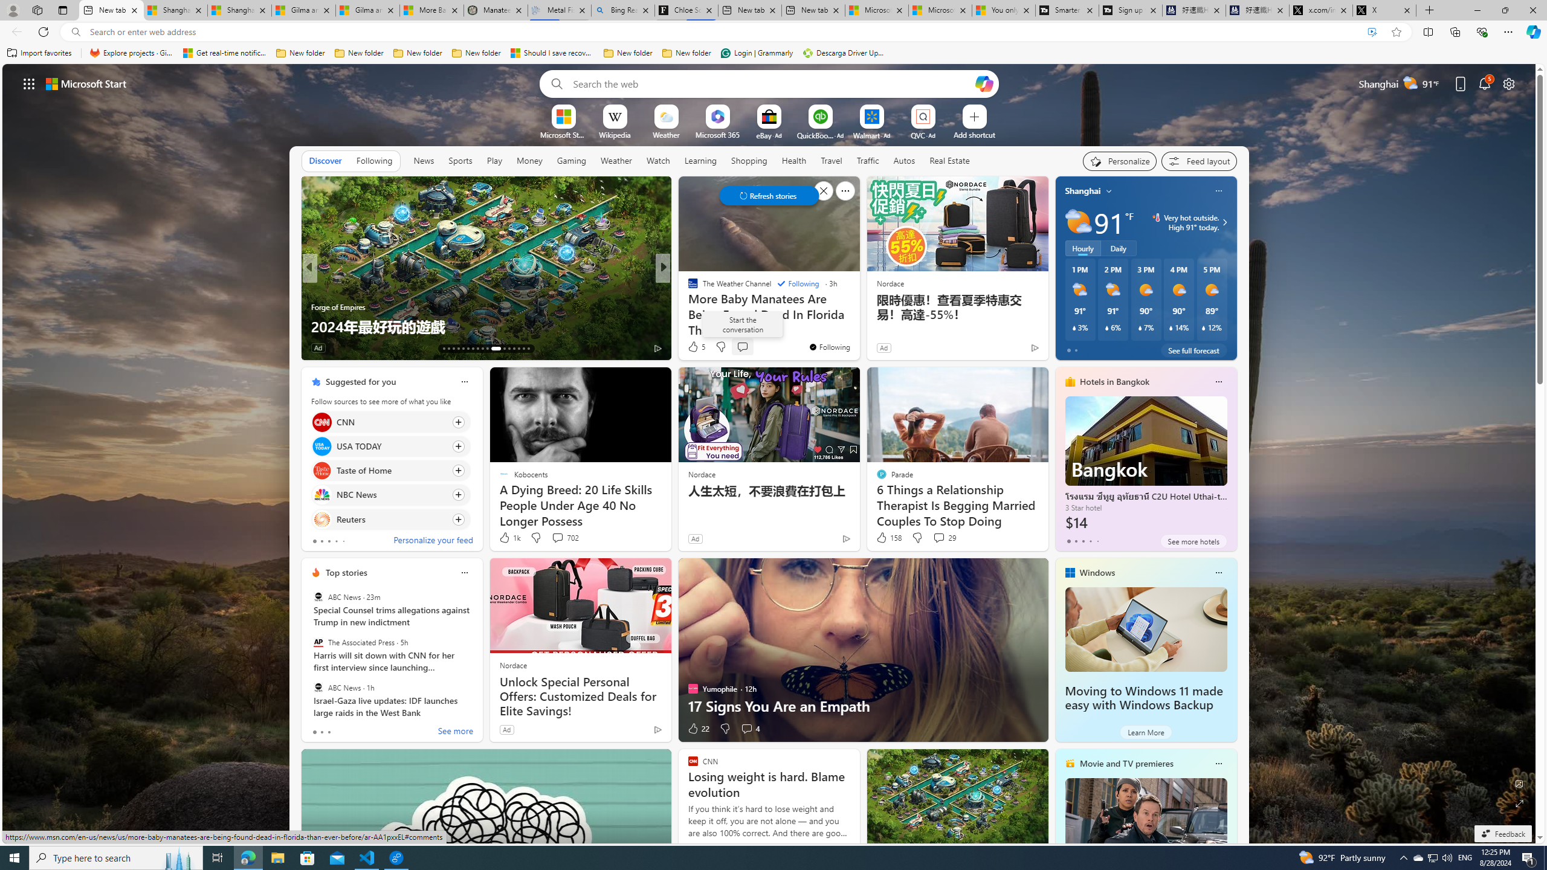  Describe the element at coordinates (749, 729) in the screenshot. I see `'View comments 4 Comment'` at that location.